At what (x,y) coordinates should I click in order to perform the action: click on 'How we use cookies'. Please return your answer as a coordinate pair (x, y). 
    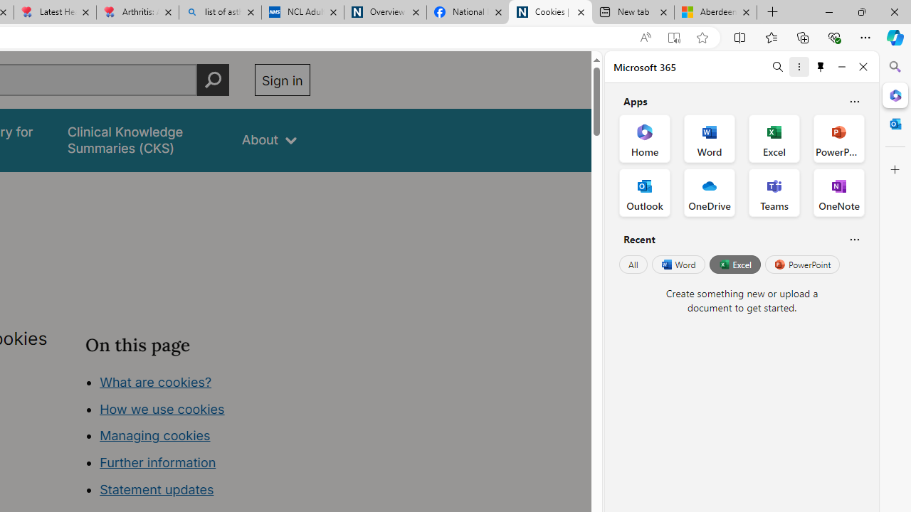
    Looking at the image, I should click on (162, 408).